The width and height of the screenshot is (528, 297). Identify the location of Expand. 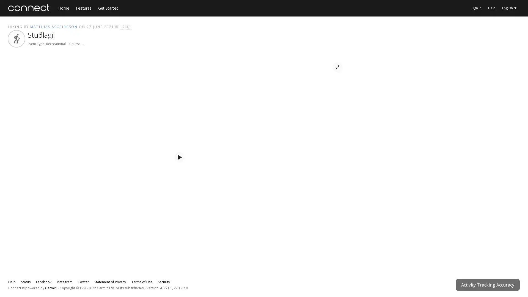
(340, 217).